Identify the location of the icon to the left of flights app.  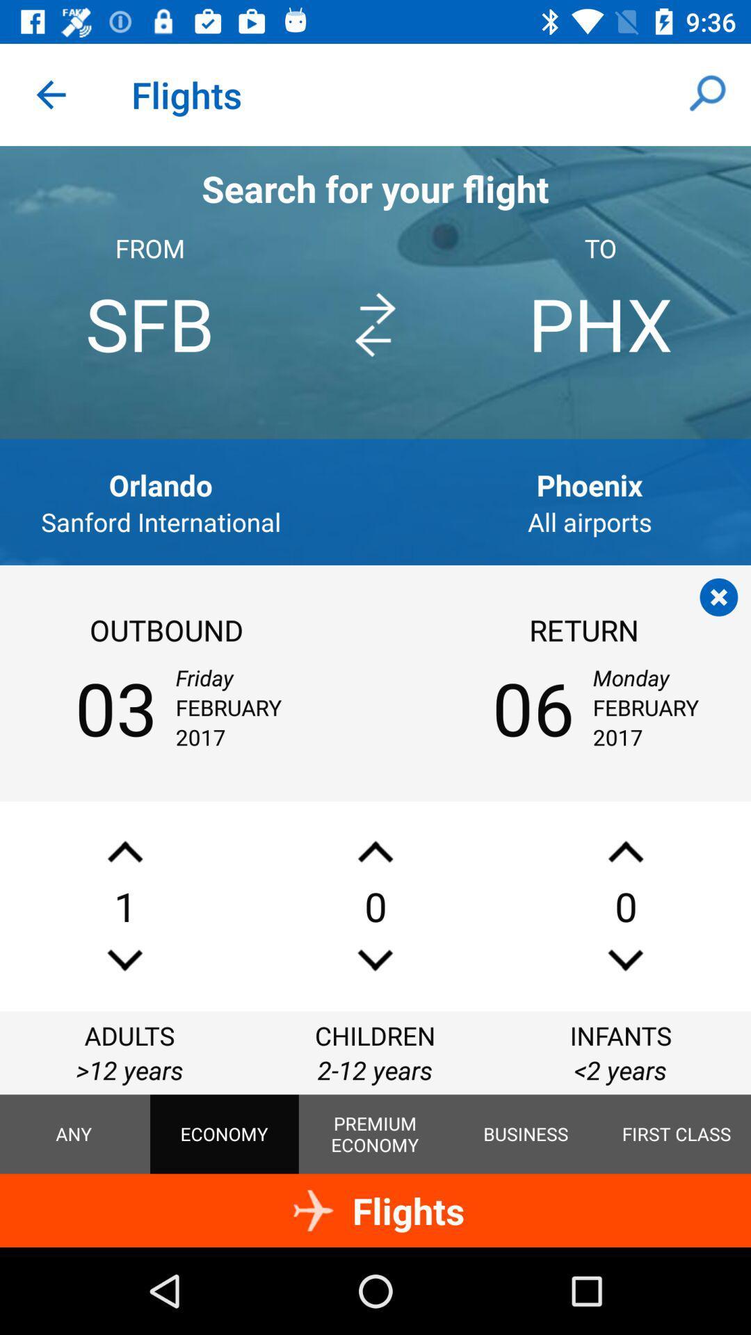
(50, 94).